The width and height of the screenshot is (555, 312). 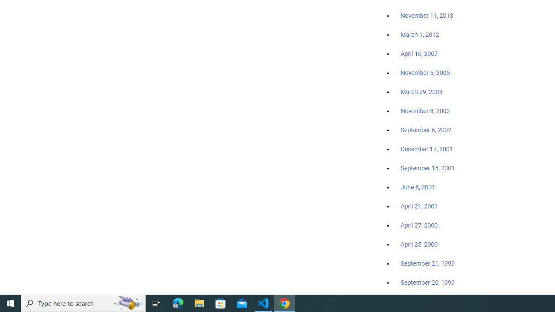 I want to click on 'November 8, 2002', so click(x=425, y=110).